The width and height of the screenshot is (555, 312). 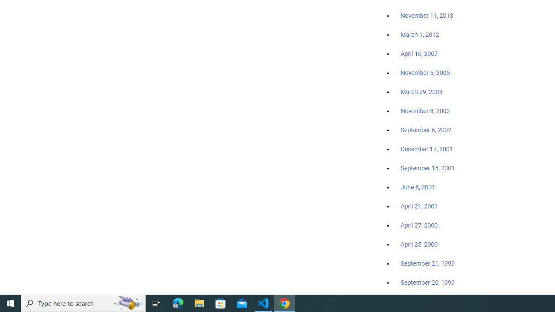 I want to click on 'November 8, 2002', so click(x=425, y=110).